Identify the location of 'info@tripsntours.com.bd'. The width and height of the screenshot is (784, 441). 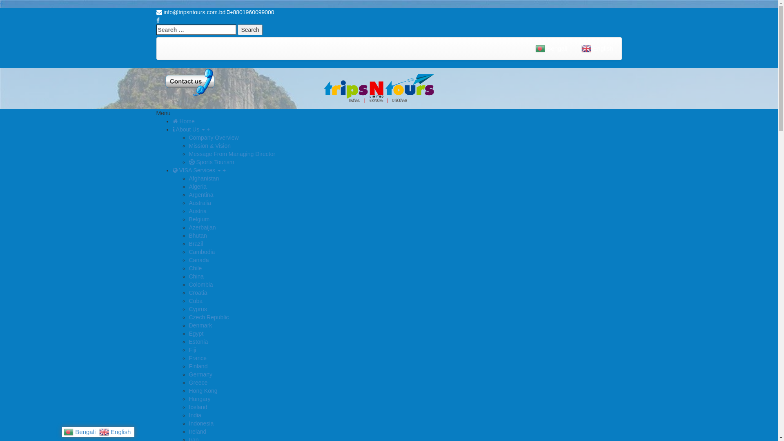
(190, 12).